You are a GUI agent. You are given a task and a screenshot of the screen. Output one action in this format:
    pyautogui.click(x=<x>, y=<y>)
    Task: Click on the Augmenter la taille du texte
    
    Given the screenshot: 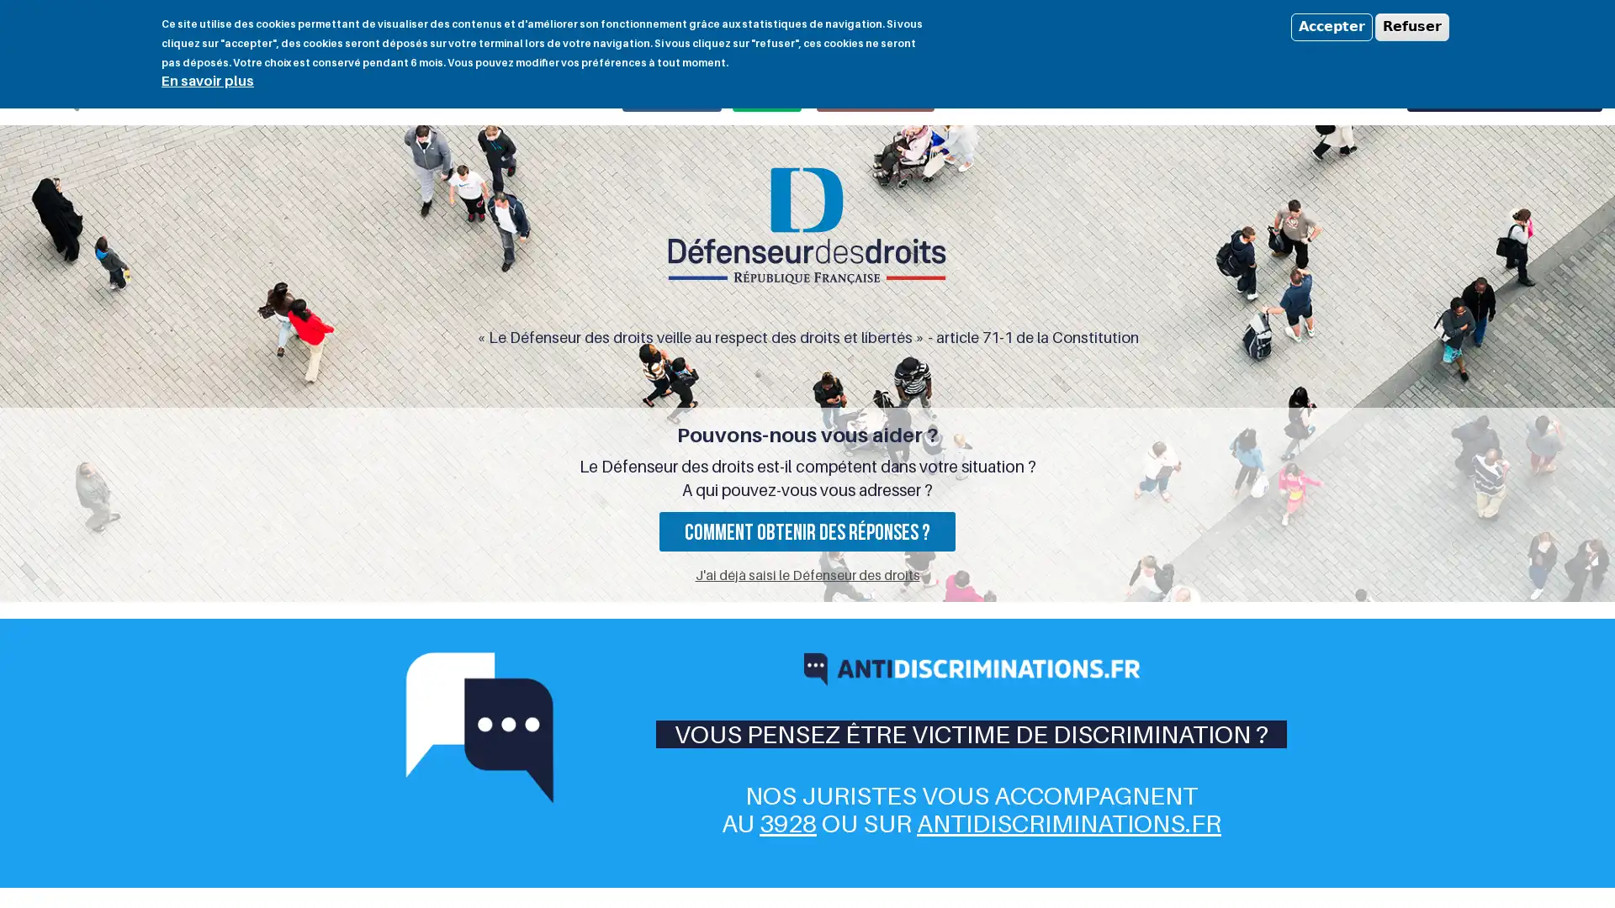 What is the action you would take?
    pyautogui.click(x=1409, y=26)
    